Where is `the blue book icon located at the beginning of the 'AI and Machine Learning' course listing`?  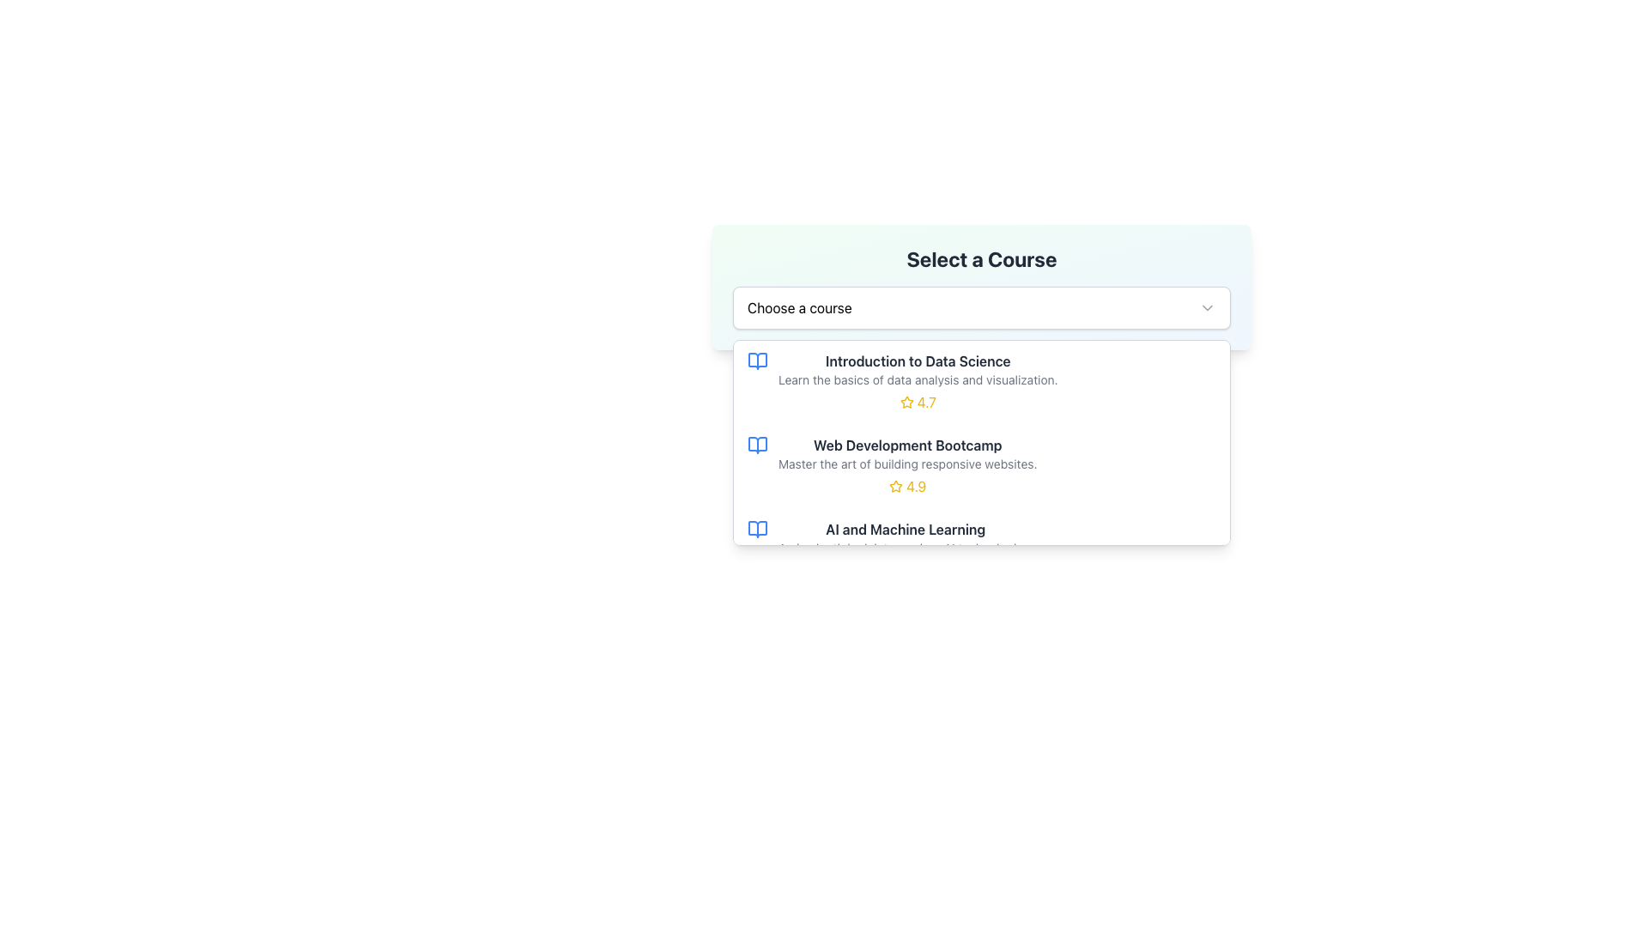
the blue book icon located at the beginning of the 'AI and Machine Learning' course listing is located at coordinates (757, 529).